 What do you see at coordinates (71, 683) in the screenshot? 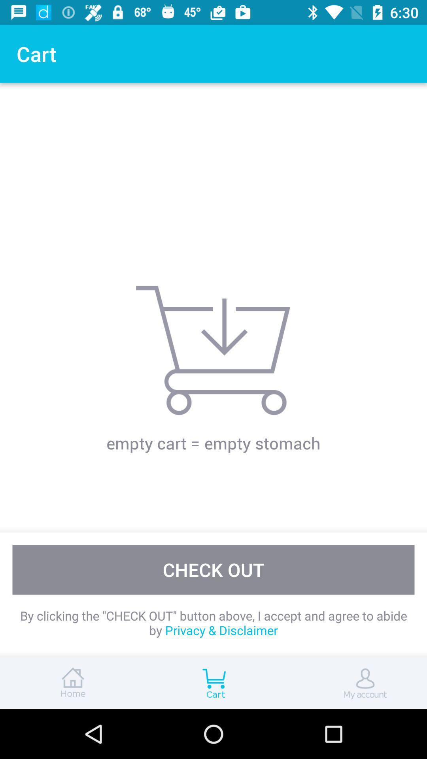
I see `go home` at bounding box center [71, 683].